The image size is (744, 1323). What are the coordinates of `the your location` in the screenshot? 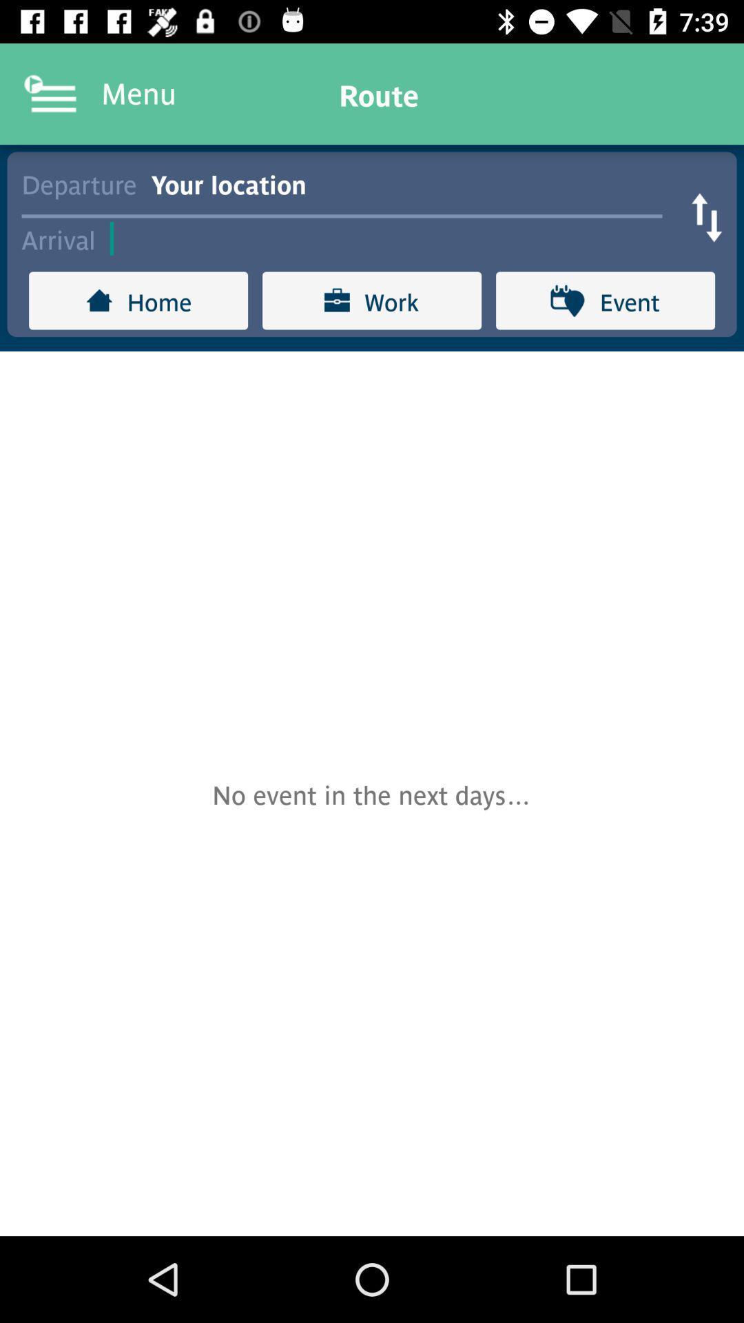 It's located at (413, 182).